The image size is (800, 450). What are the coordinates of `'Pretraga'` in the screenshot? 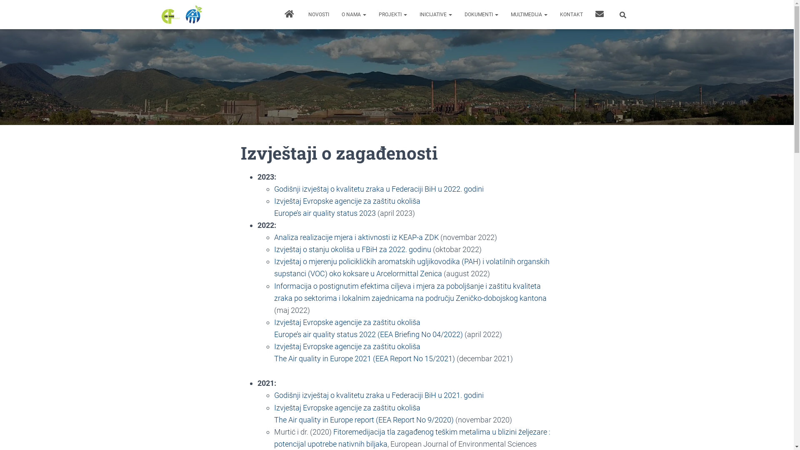 It's located at (2, 9).